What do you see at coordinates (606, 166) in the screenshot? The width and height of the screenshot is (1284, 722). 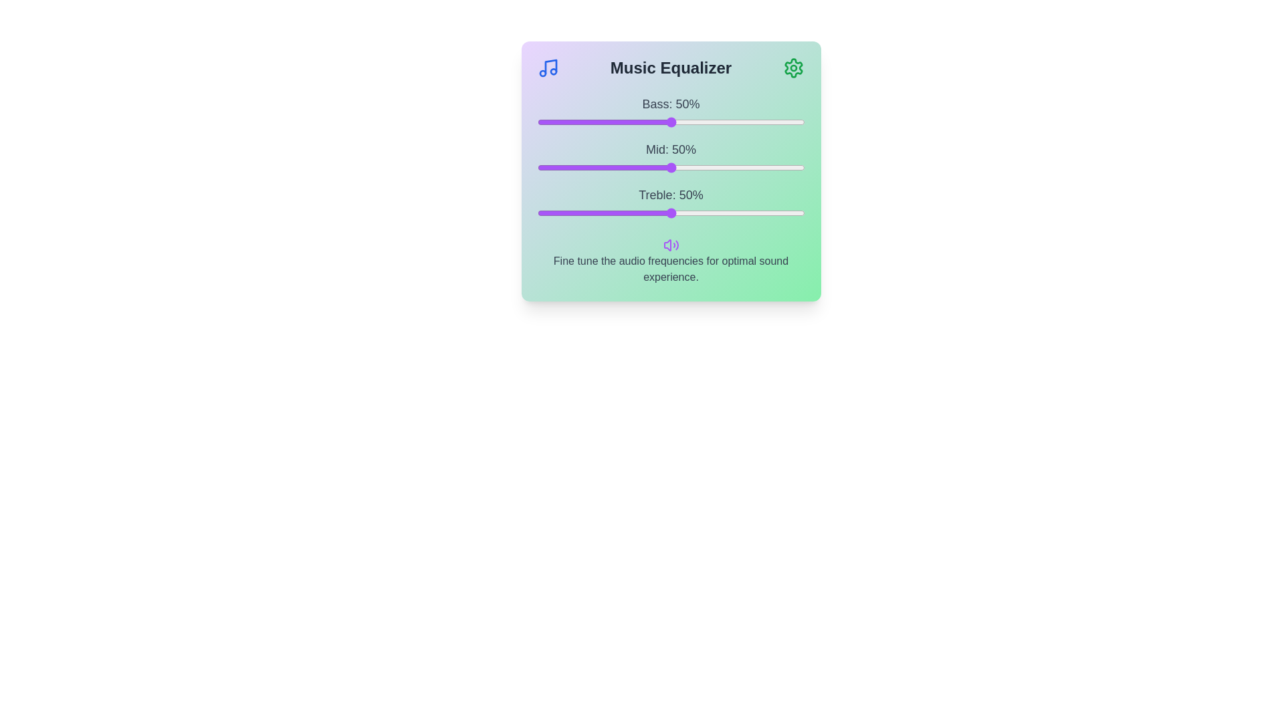 I see `the mid frequency slider to 26%` at bounding box center [606, 166].